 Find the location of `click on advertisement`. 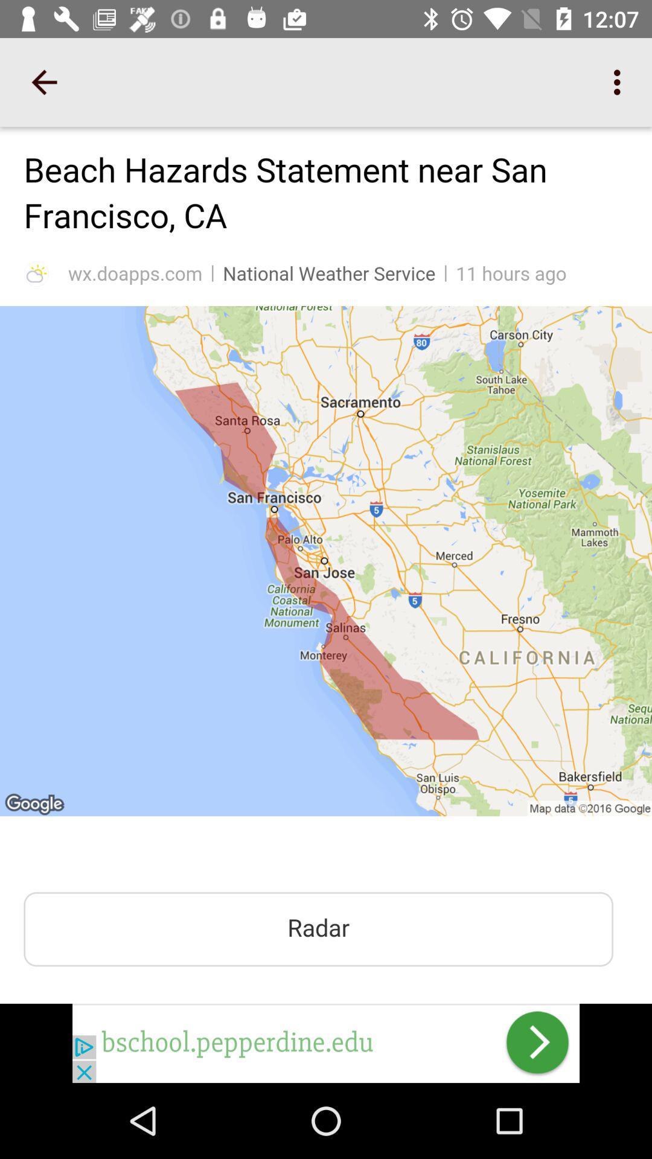

click on advertisement is located at coordinates (326, 1042).